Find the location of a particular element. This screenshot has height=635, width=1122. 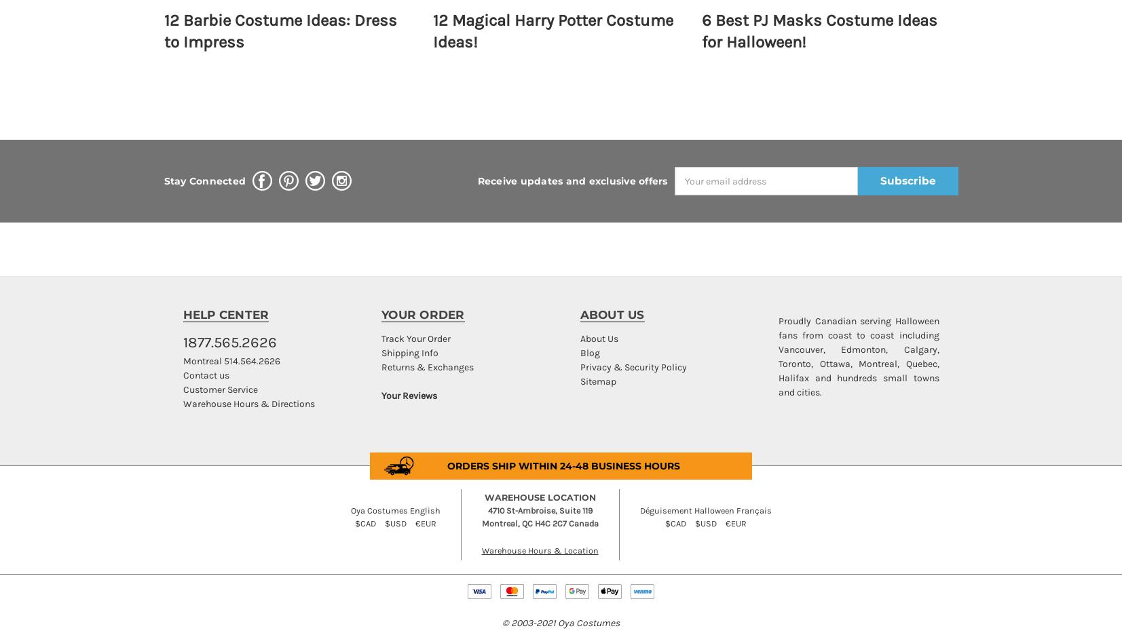

'6 Best PJ Masks Costume Ideas for Halloween!' is located at coordinates (700, 31).